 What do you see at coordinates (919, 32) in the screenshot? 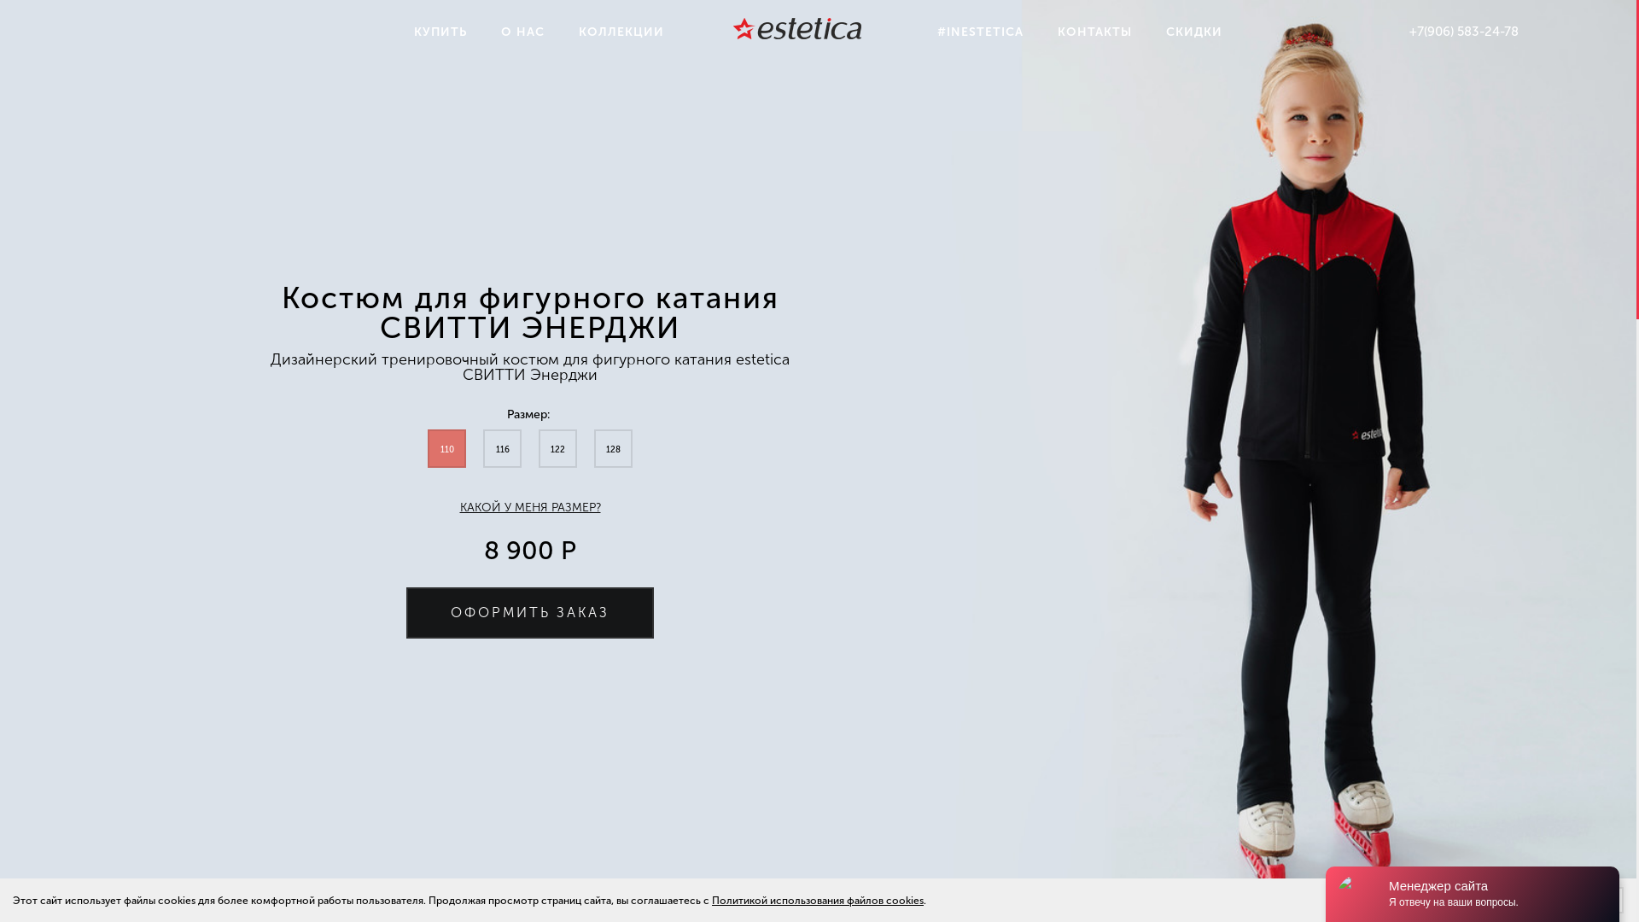
I see `'#INESTETICA'` at bounding box center [919, 32].